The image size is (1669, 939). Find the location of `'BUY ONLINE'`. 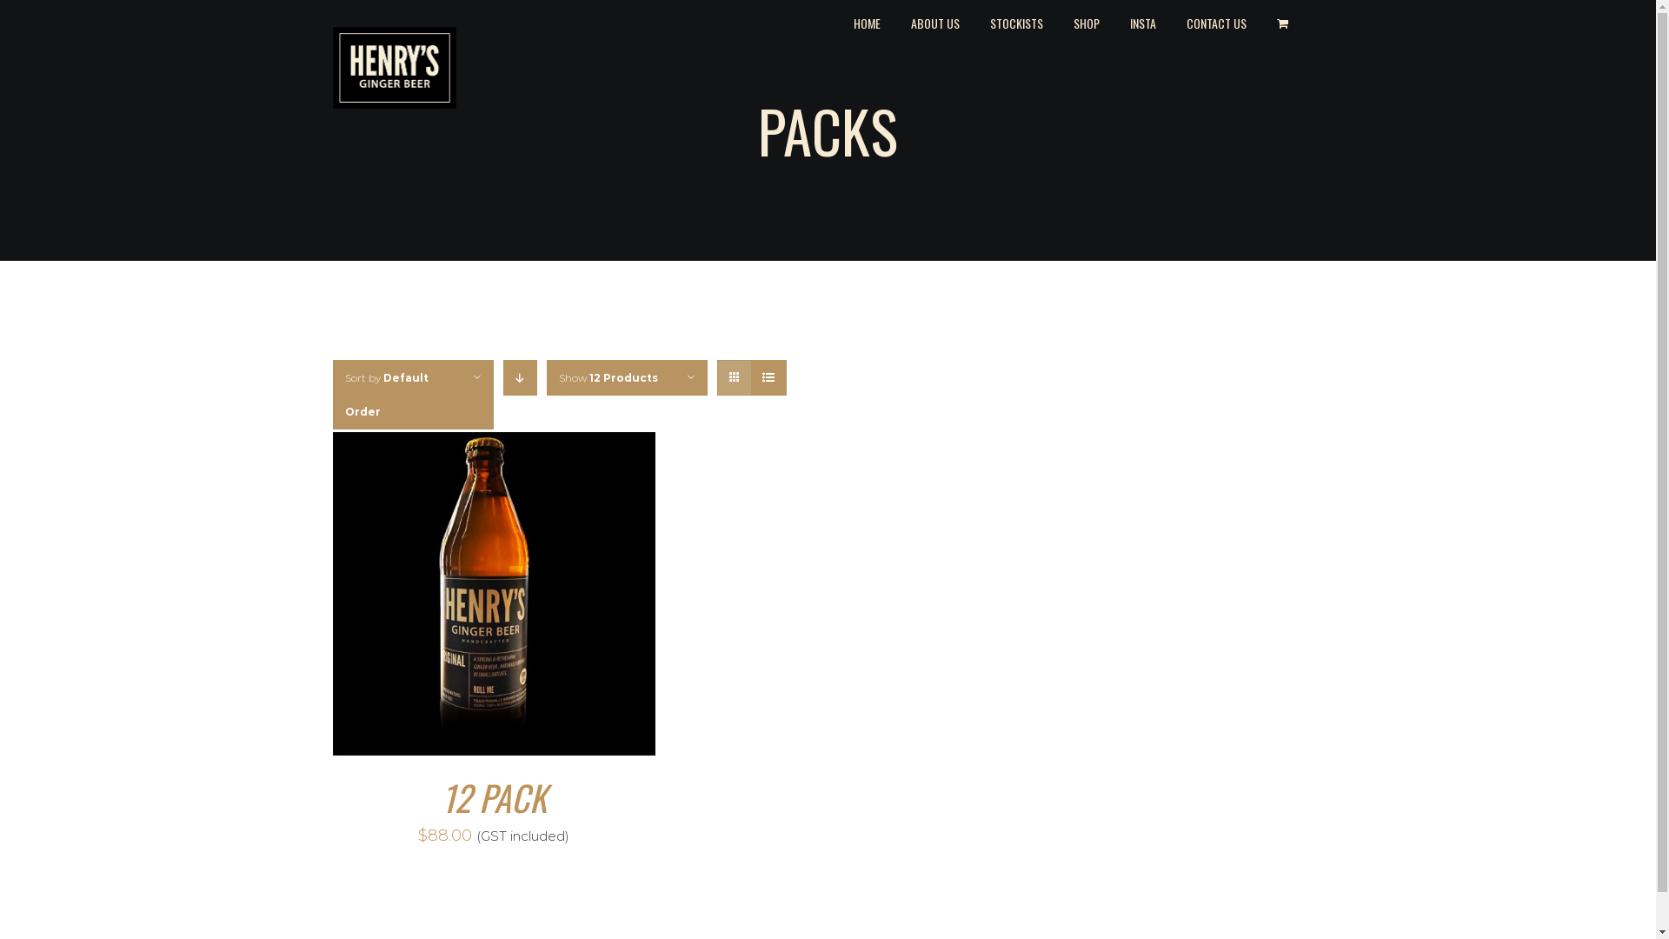

'BUY ONLINE' is located at coordinates (425, 764).